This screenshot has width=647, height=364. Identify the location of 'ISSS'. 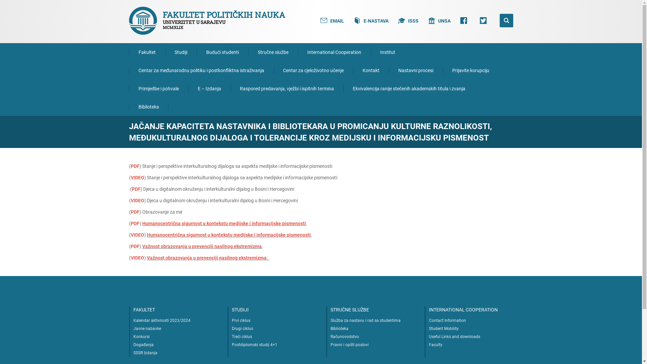
(408, 20).